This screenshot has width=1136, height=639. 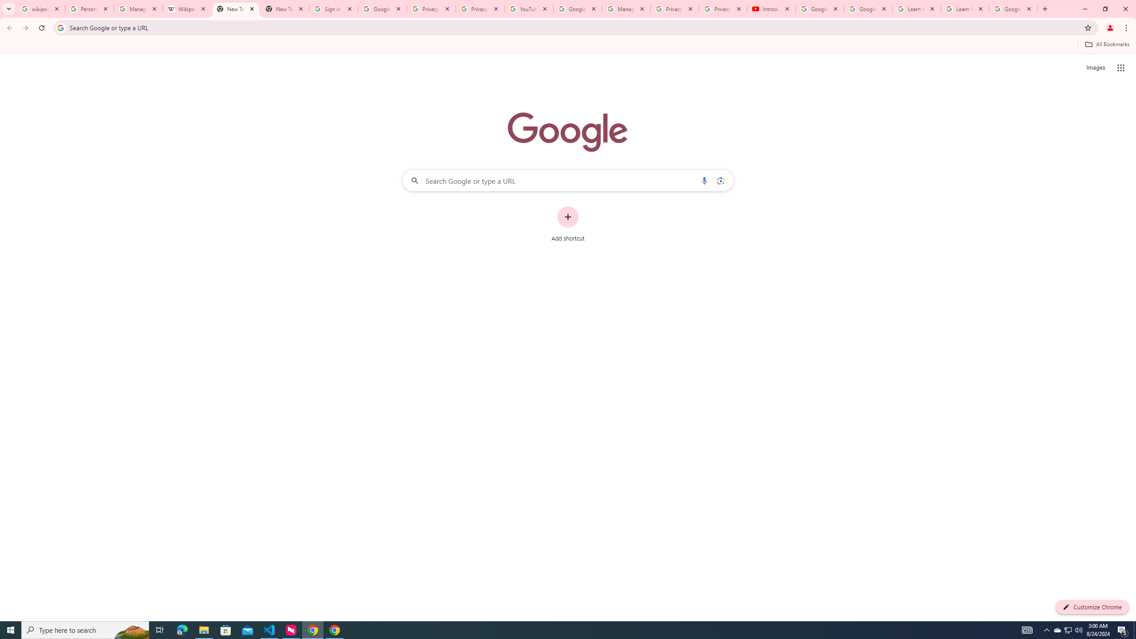 I want to click on 'Search for Images ', so click(x=1096, y=68).